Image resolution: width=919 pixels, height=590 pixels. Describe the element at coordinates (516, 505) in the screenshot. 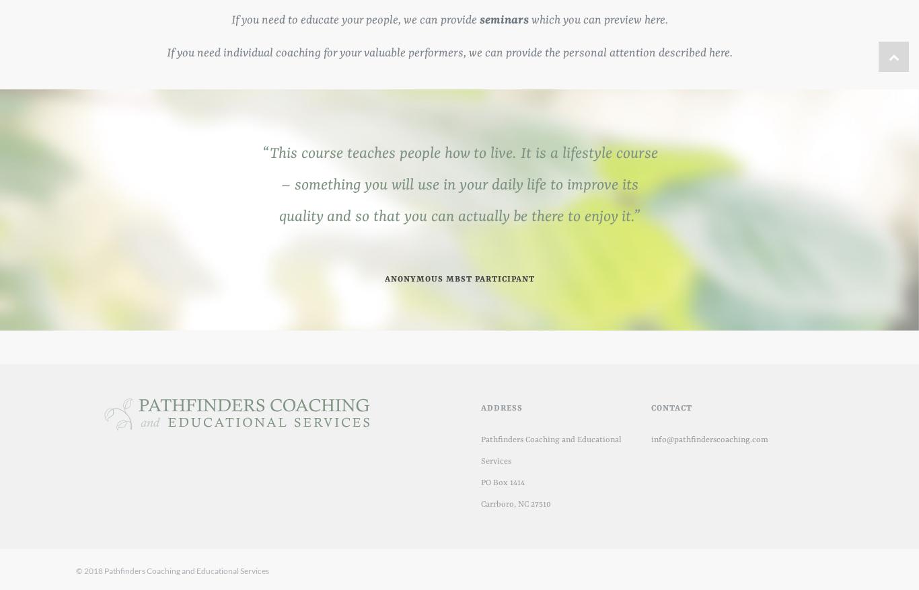

I see `'Carrboro, NC 27510'` at that location.